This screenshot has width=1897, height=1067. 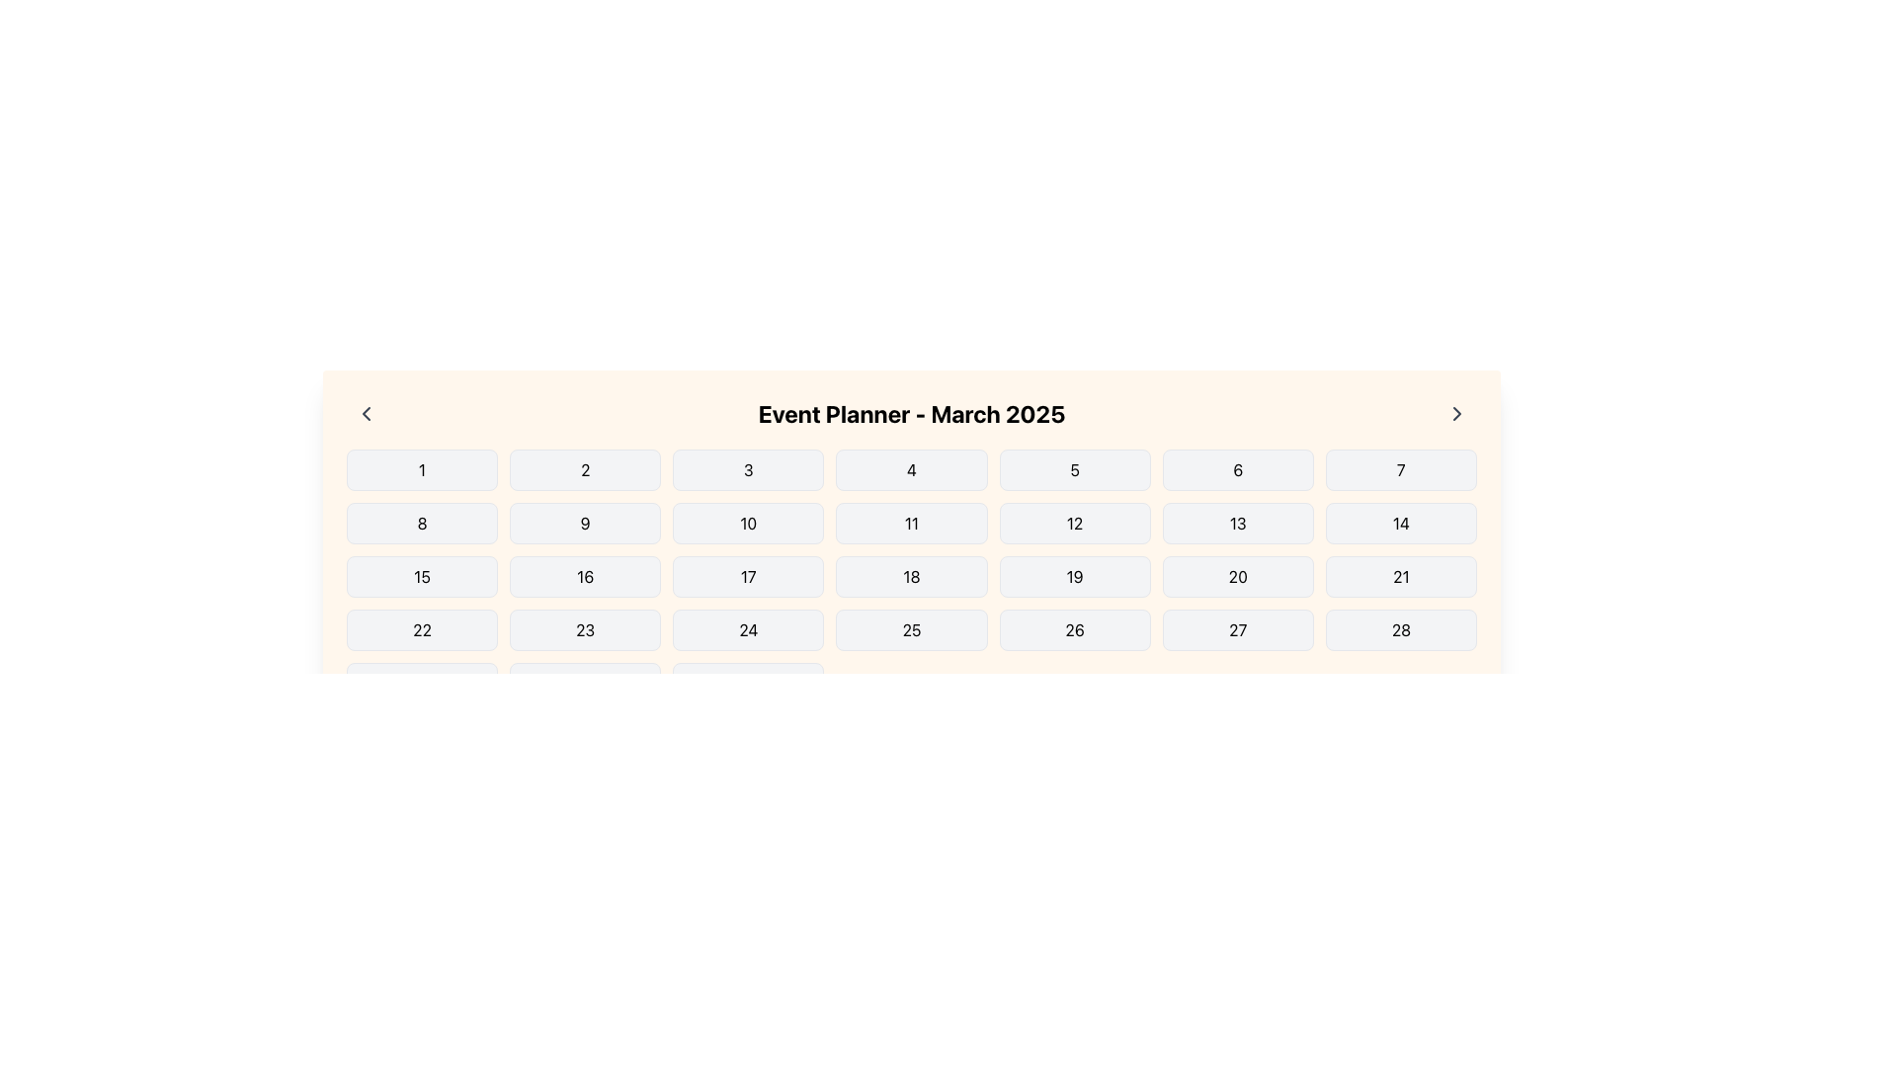 I want to click on the button, so click(x=1074, y=629).